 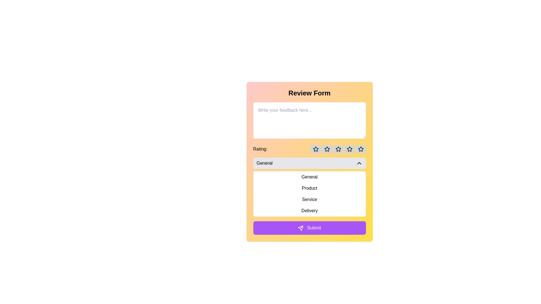 What do you see at coordinates (361, 149) in the screenshot?
I see `the rightmost star-shaped icon in the rating bar, which has a black stroke and no fill, located below the feedback textarea and above the dropdown menu in the review form` at bounding box center [361, 149].